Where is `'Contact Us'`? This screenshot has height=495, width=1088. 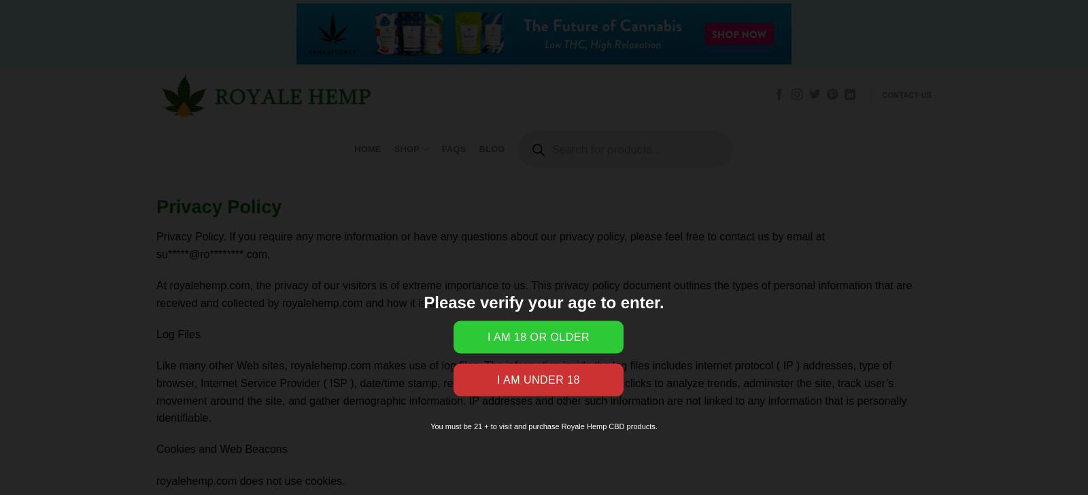
'Contact Us' is located at coordinates (906, 94).